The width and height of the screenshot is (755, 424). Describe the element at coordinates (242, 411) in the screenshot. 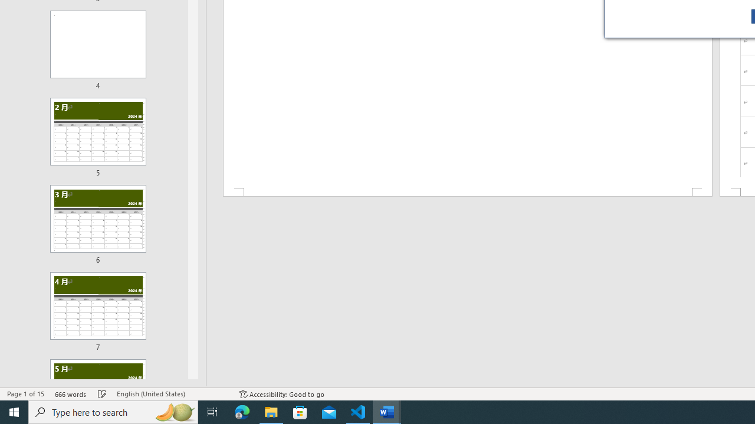

I see `'Microsoft Edge'` at that location.